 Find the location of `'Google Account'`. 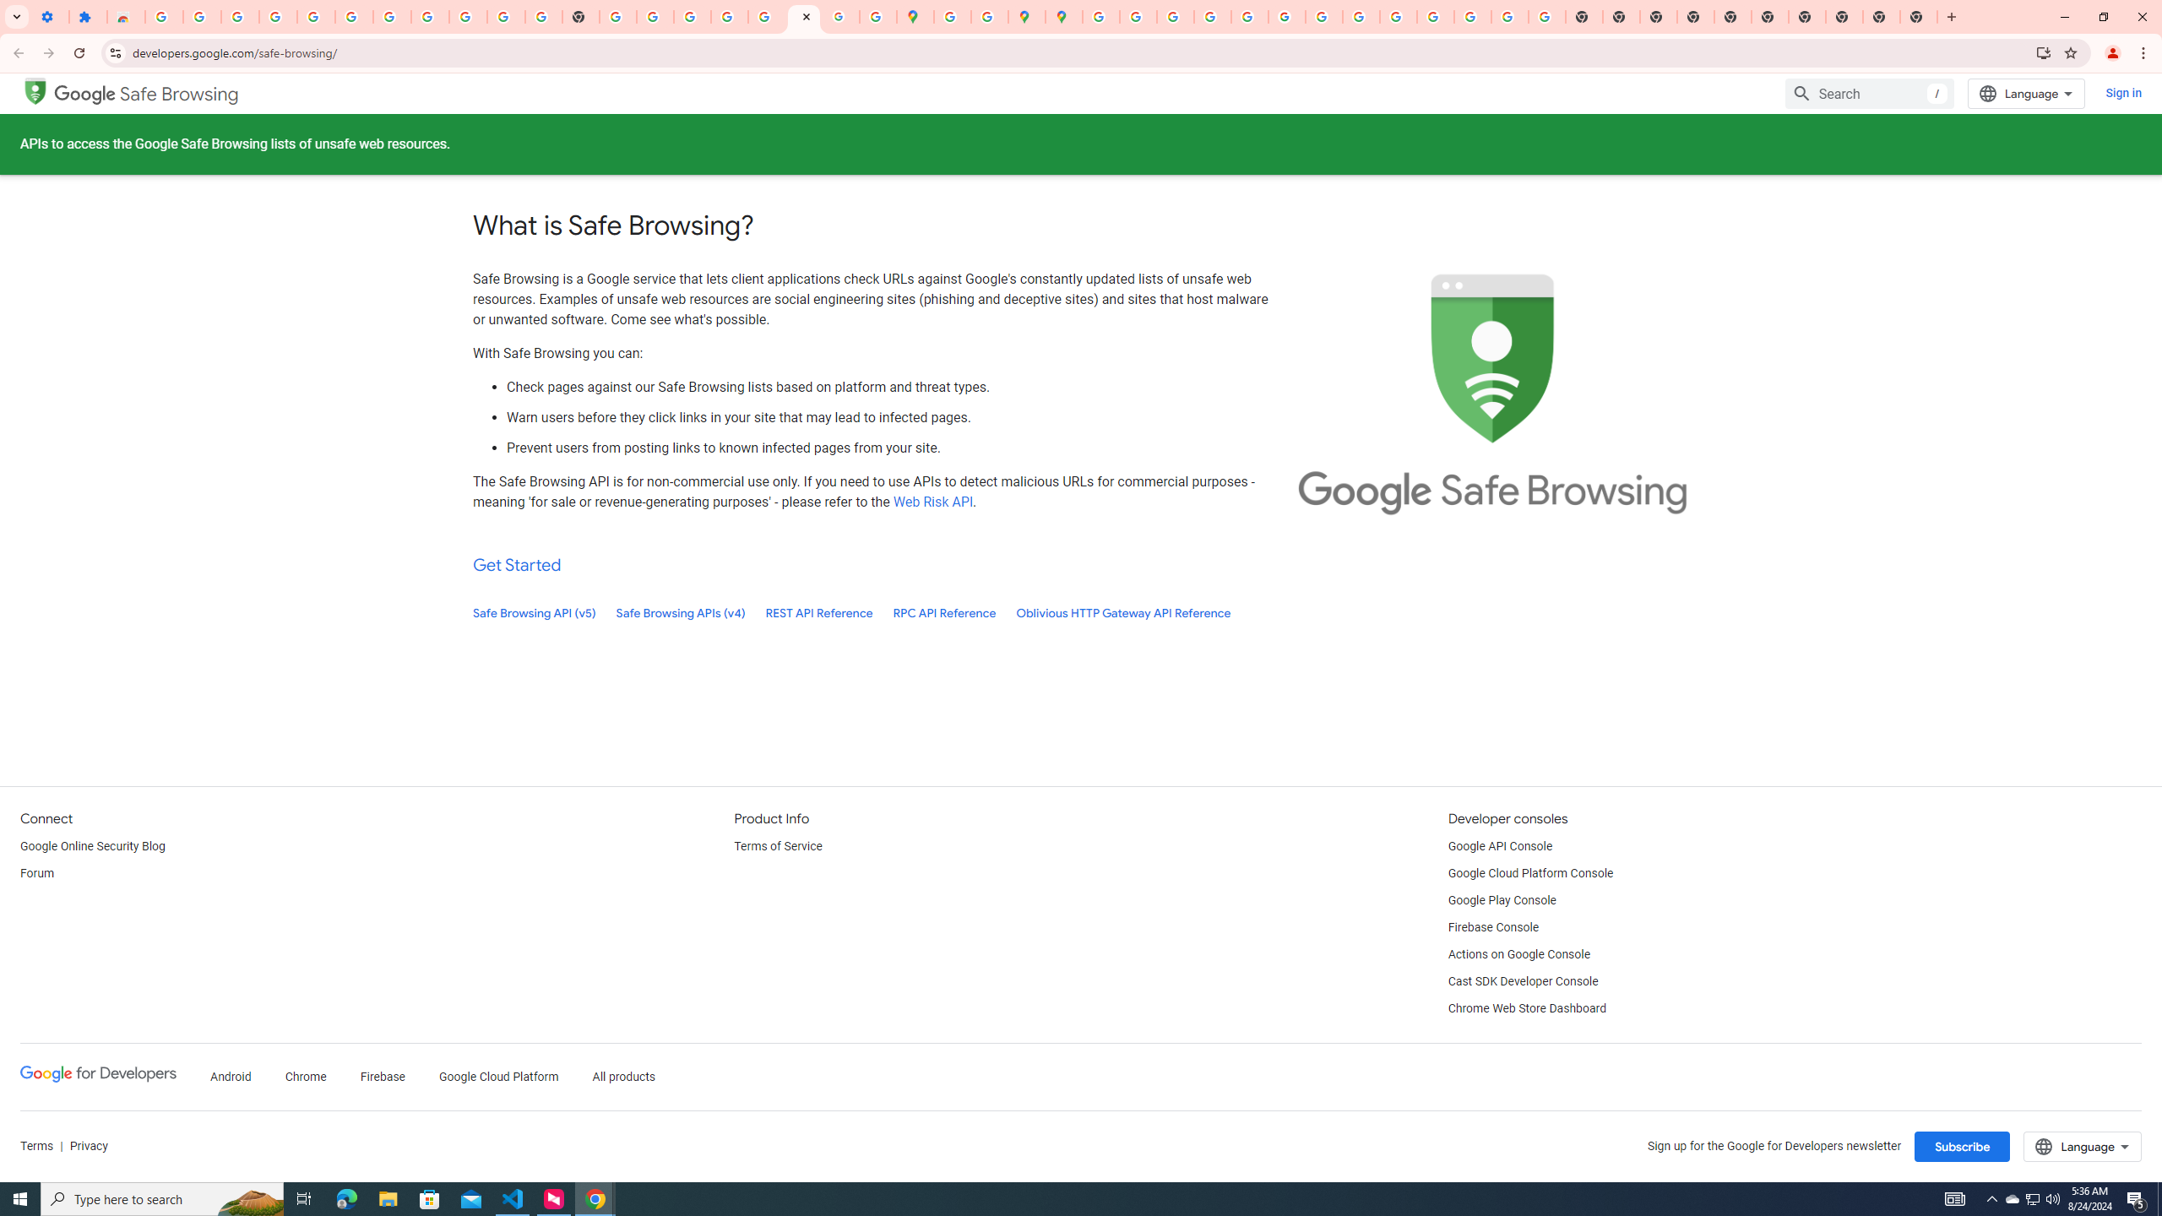

'Google Account' is located at coordinates (468, 16).